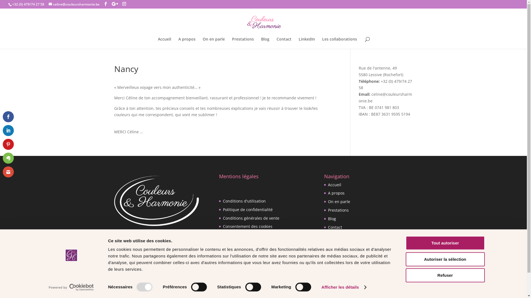 Image resolution: width=531 pixels, height=298 pixels. Describe the element at coordinates (445, 275) in the screenshot. I see `'Refuser'` at that location.